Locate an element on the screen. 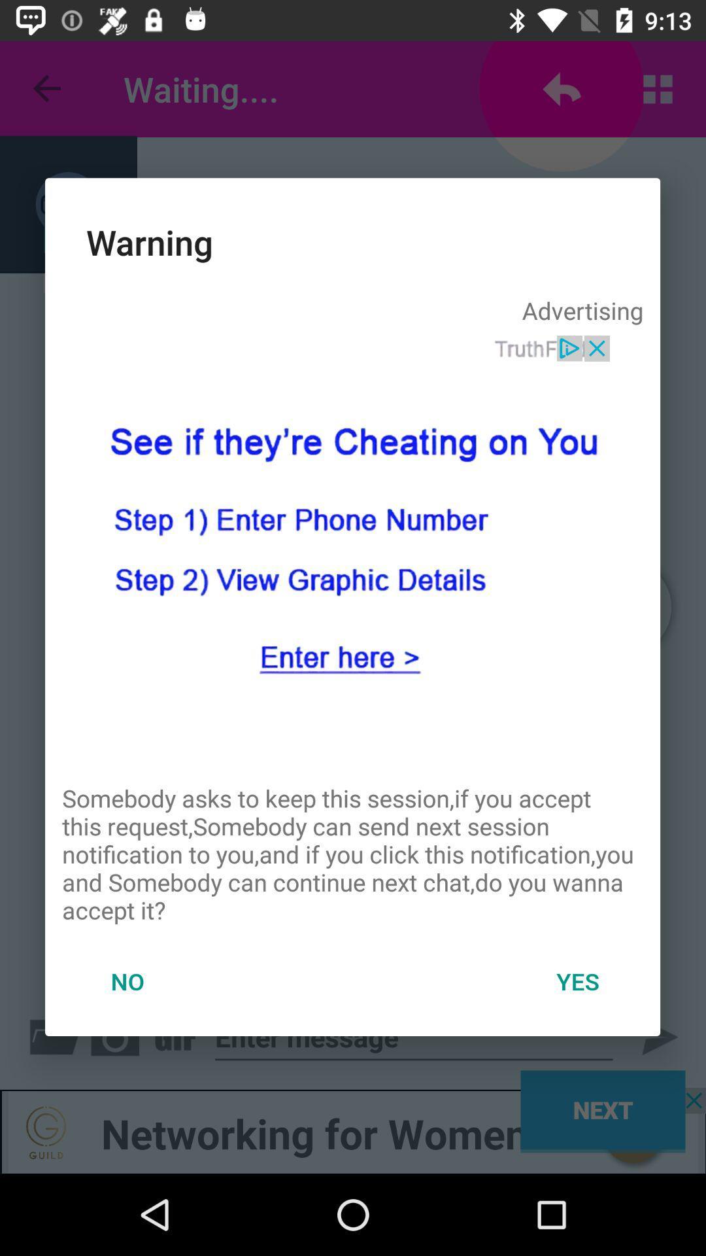 This screenshot has height=1256, width=706. get information about the person is located at coordinates (352, 550).